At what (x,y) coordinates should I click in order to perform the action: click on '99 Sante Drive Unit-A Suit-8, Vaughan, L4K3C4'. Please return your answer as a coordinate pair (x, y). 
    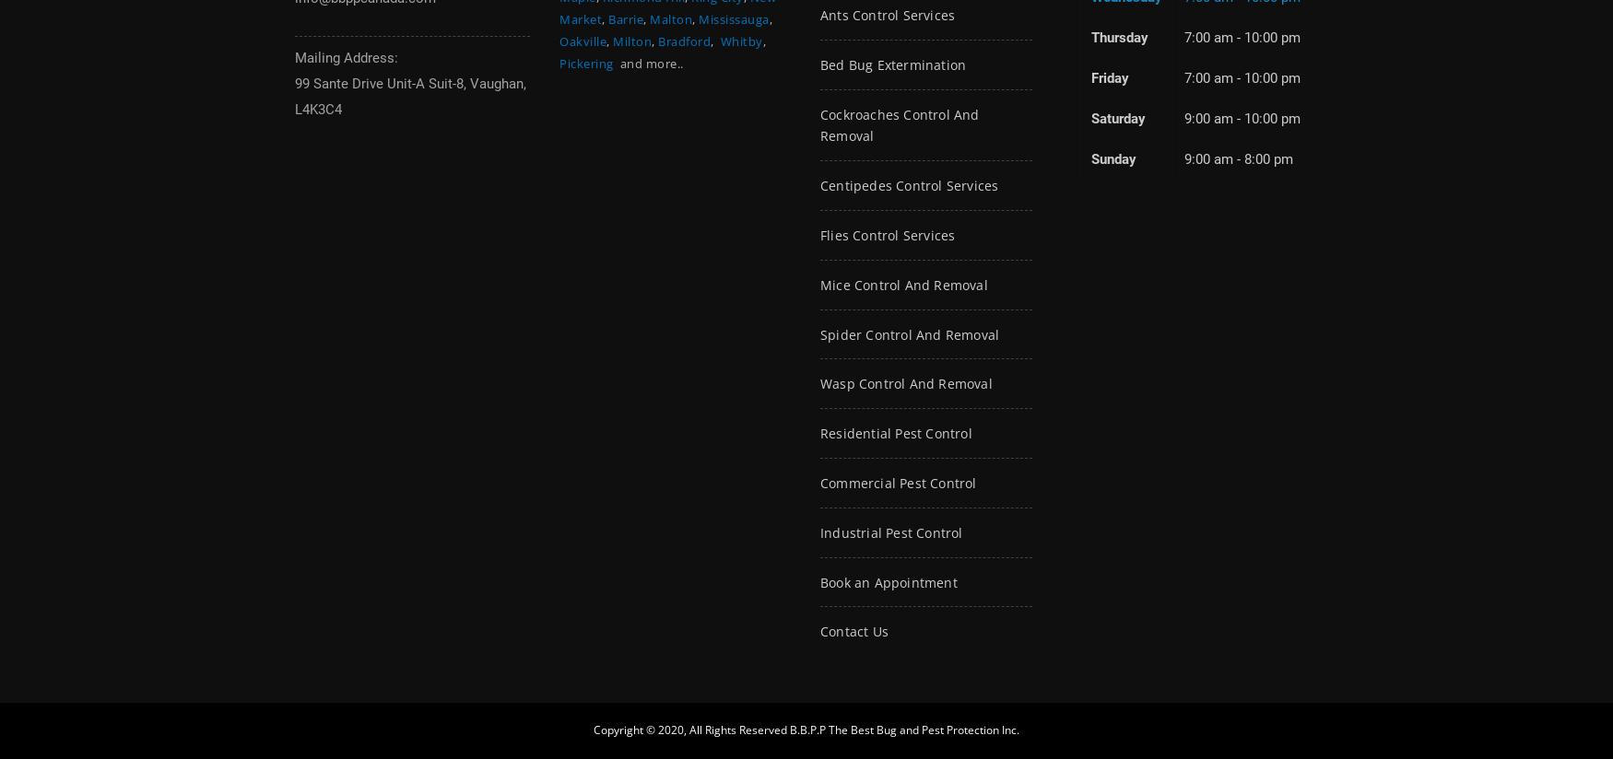
    Looking at the image, I should click on (410, 96).